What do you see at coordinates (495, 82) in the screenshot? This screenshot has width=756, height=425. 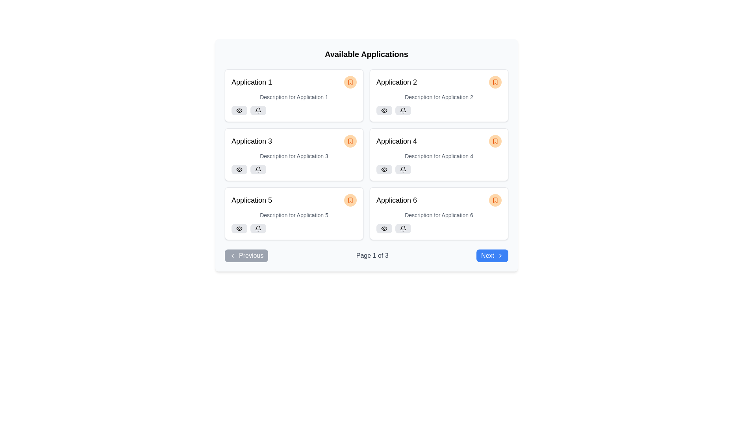 I see `the bookmark button located in the top-right region of the 'Application 2' card` at bounding box center [495, 82].